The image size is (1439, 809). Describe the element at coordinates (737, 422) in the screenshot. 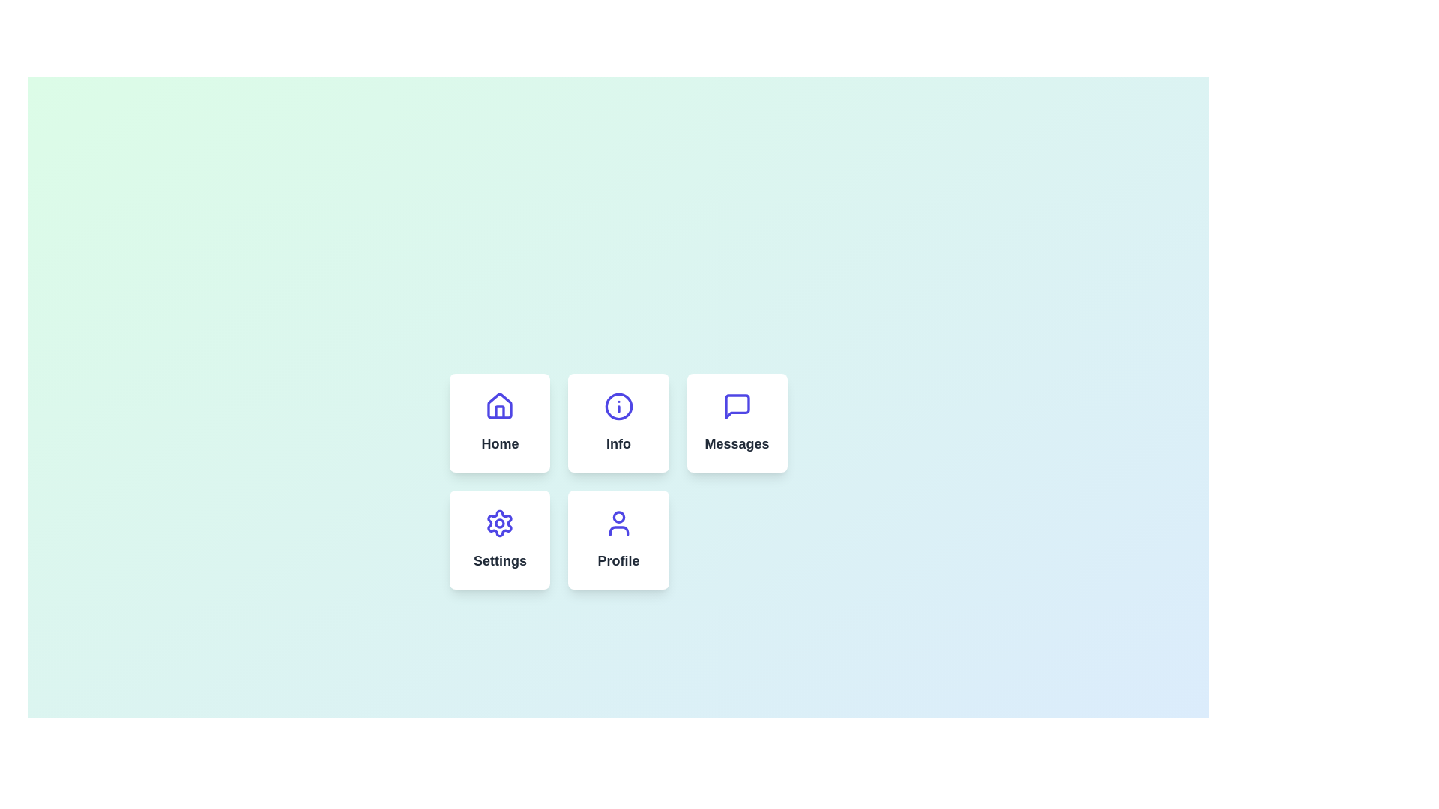

I see `the third card in the top row of the grid structure related to 'Messages'` at that location.